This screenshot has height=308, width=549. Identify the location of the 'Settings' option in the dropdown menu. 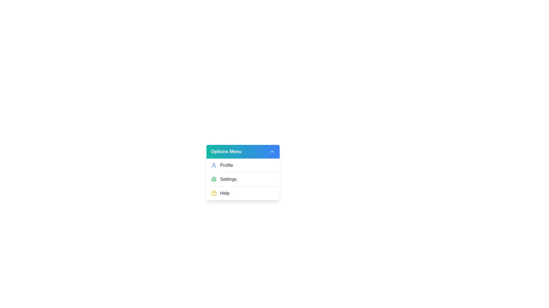
(243, 179).